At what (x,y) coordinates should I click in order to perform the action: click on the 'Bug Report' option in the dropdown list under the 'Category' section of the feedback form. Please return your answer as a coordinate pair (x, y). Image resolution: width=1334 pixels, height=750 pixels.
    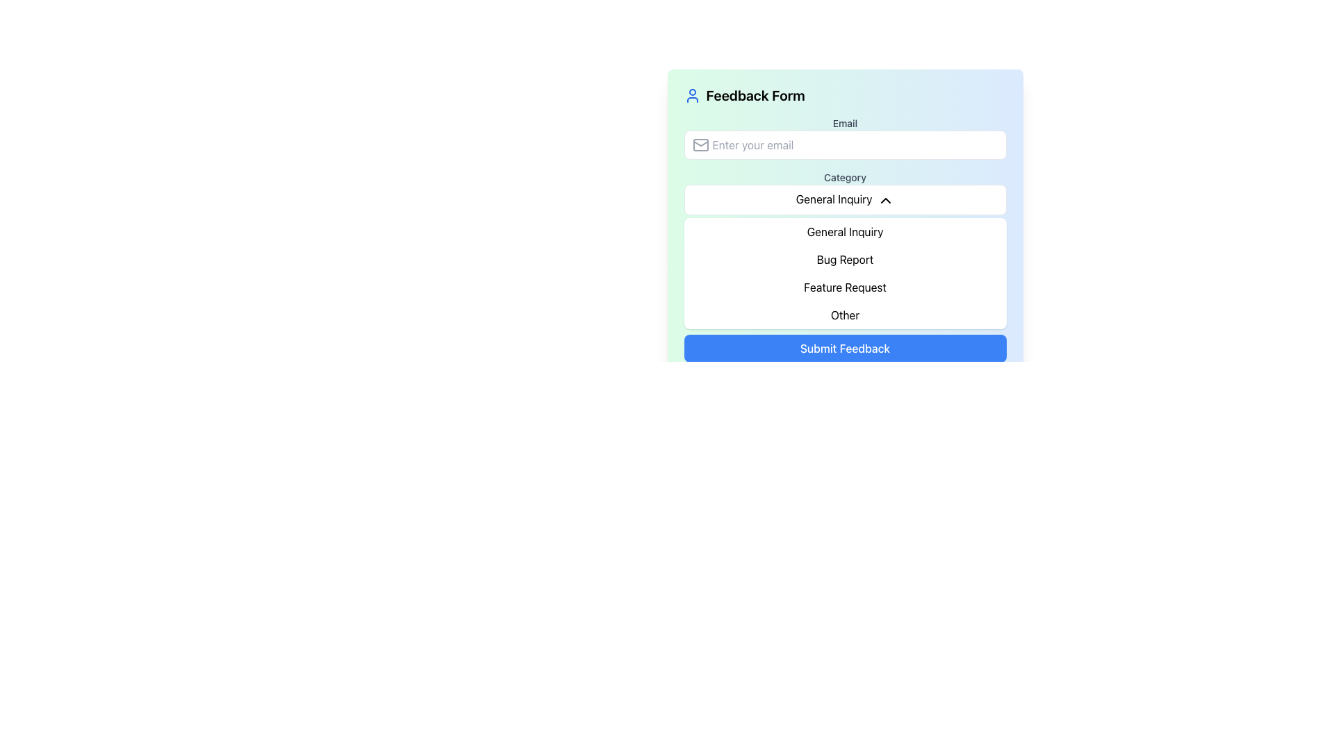
    Looking at the image, I should click on (844, 259).